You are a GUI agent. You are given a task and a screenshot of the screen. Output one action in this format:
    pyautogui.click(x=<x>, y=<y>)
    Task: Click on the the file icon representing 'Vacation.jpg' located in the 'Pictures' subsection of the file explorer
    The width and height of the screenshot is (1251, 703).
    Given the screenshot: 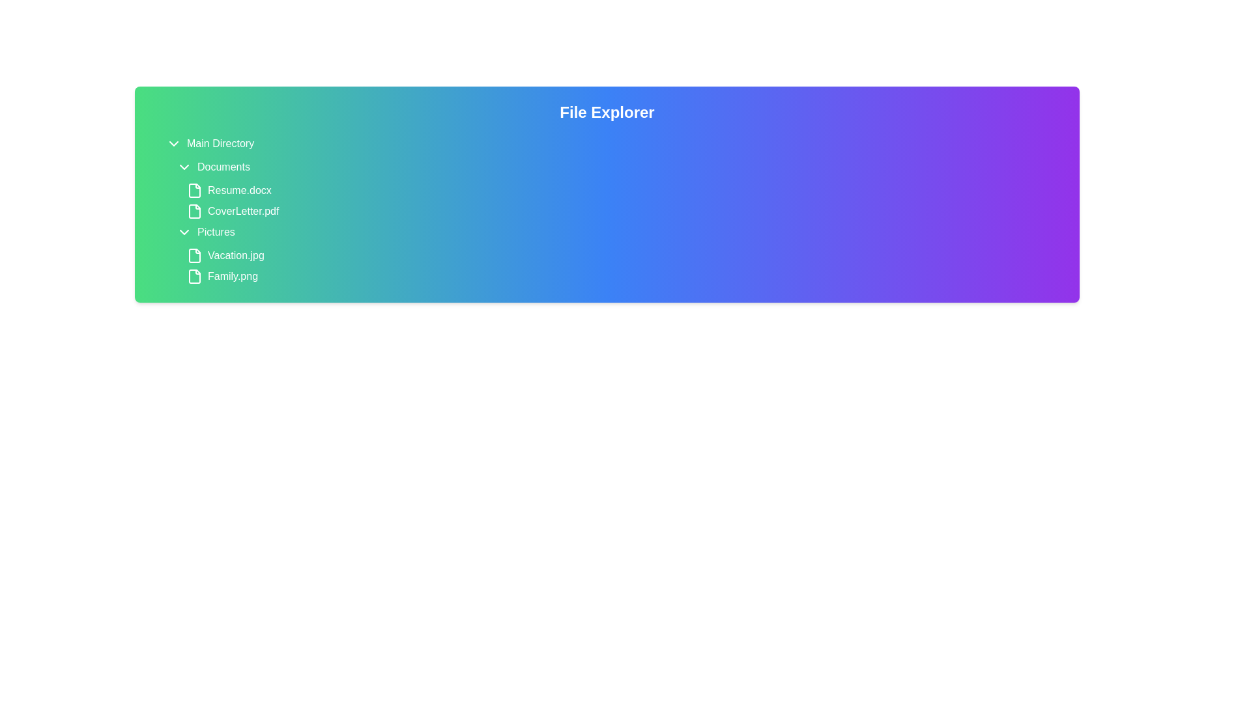 What is the action you would take?
    pyautogui.click(x=194, y=256)
    